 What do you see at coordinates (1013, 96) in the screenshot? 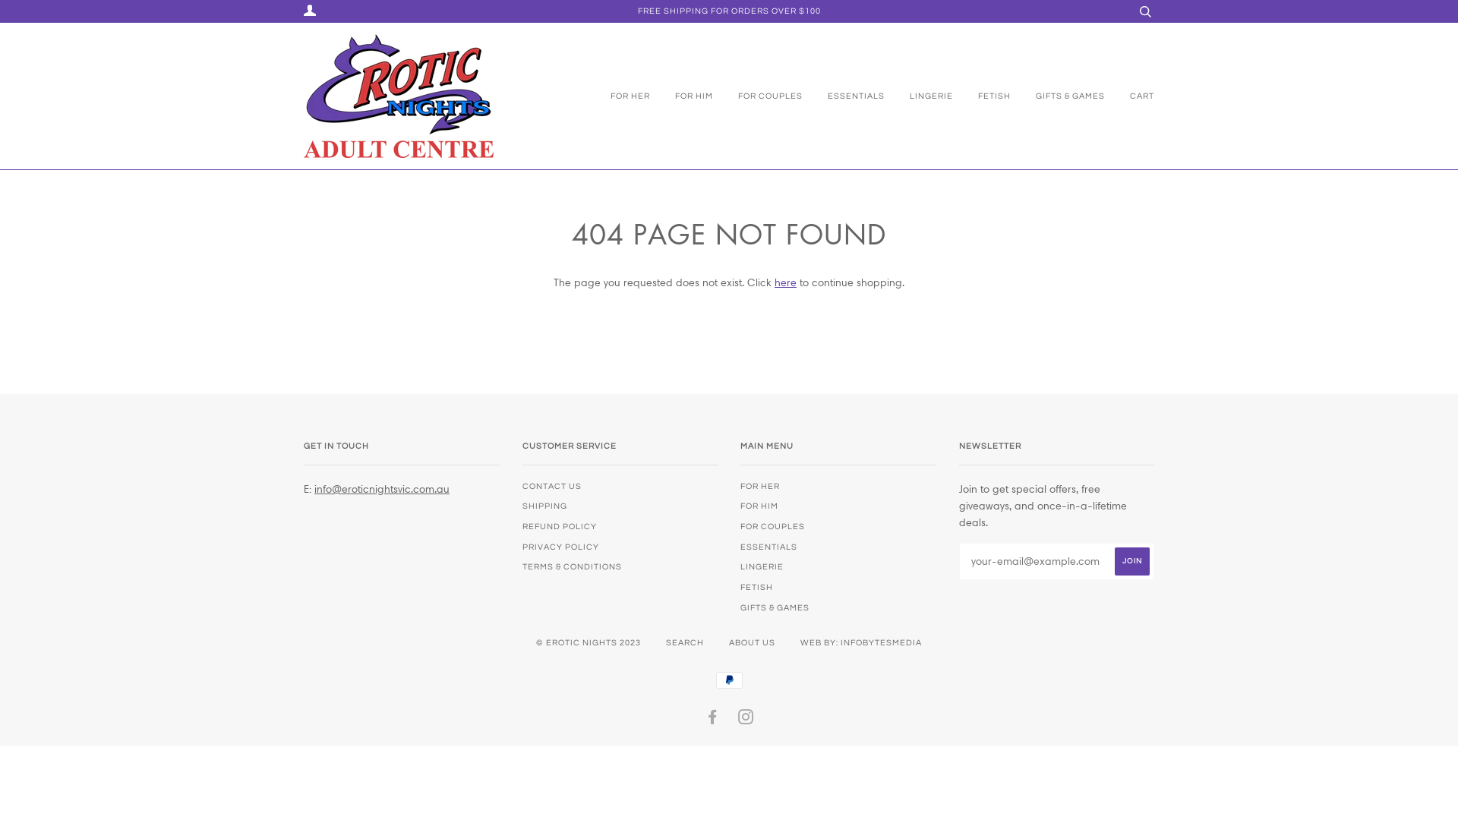
I see `'GIFTS & GAMES'` at bounding box center [1013, 96].